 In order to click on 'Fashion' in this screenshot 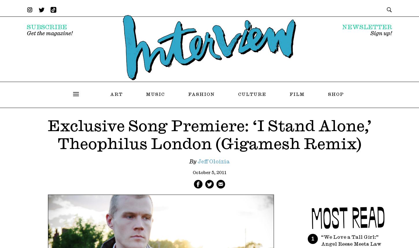, I will do `click(201, 94)`.